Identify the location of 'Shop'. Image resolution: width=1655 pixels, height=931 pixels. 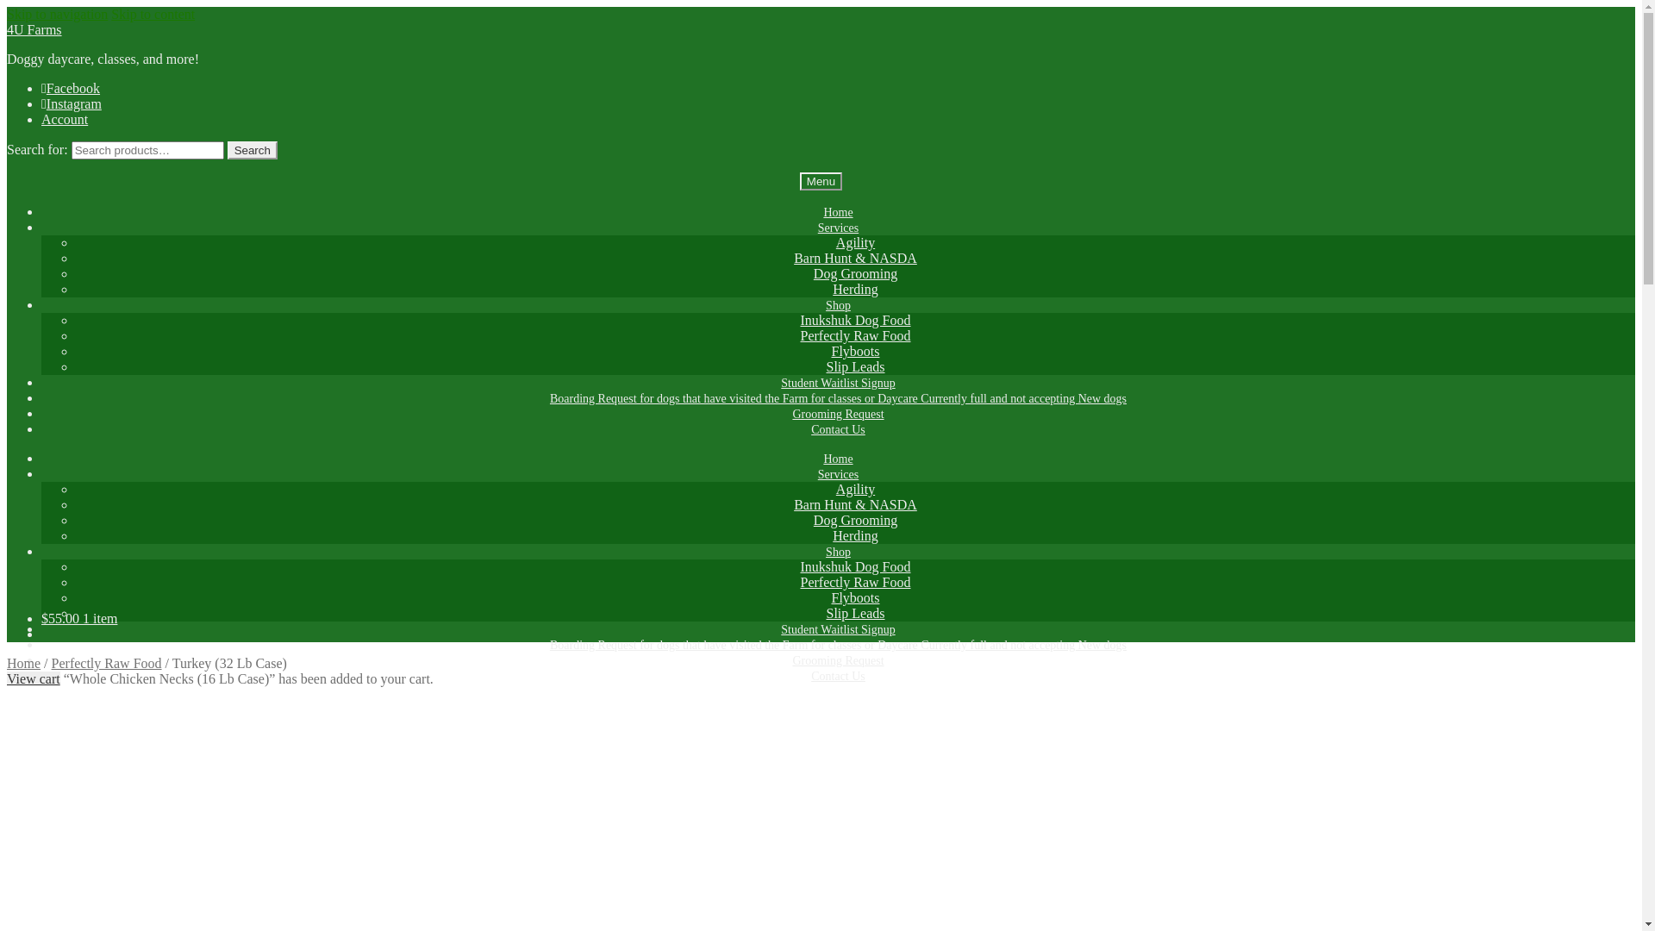
(816, 552).